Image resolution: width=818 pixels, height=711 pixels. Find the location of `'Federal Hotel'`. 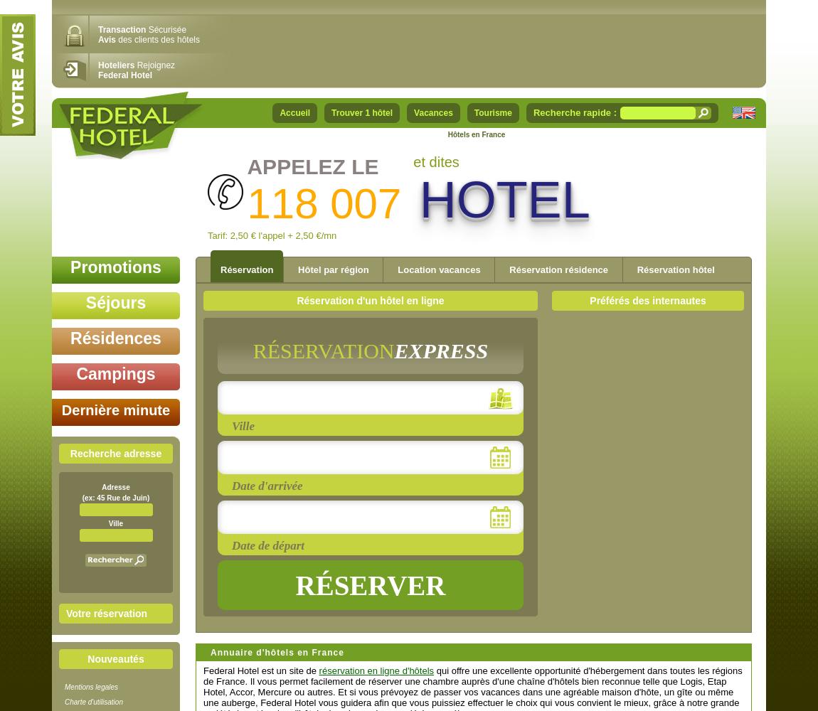

'Federal Hotel' is located at coordinates (124, 75).